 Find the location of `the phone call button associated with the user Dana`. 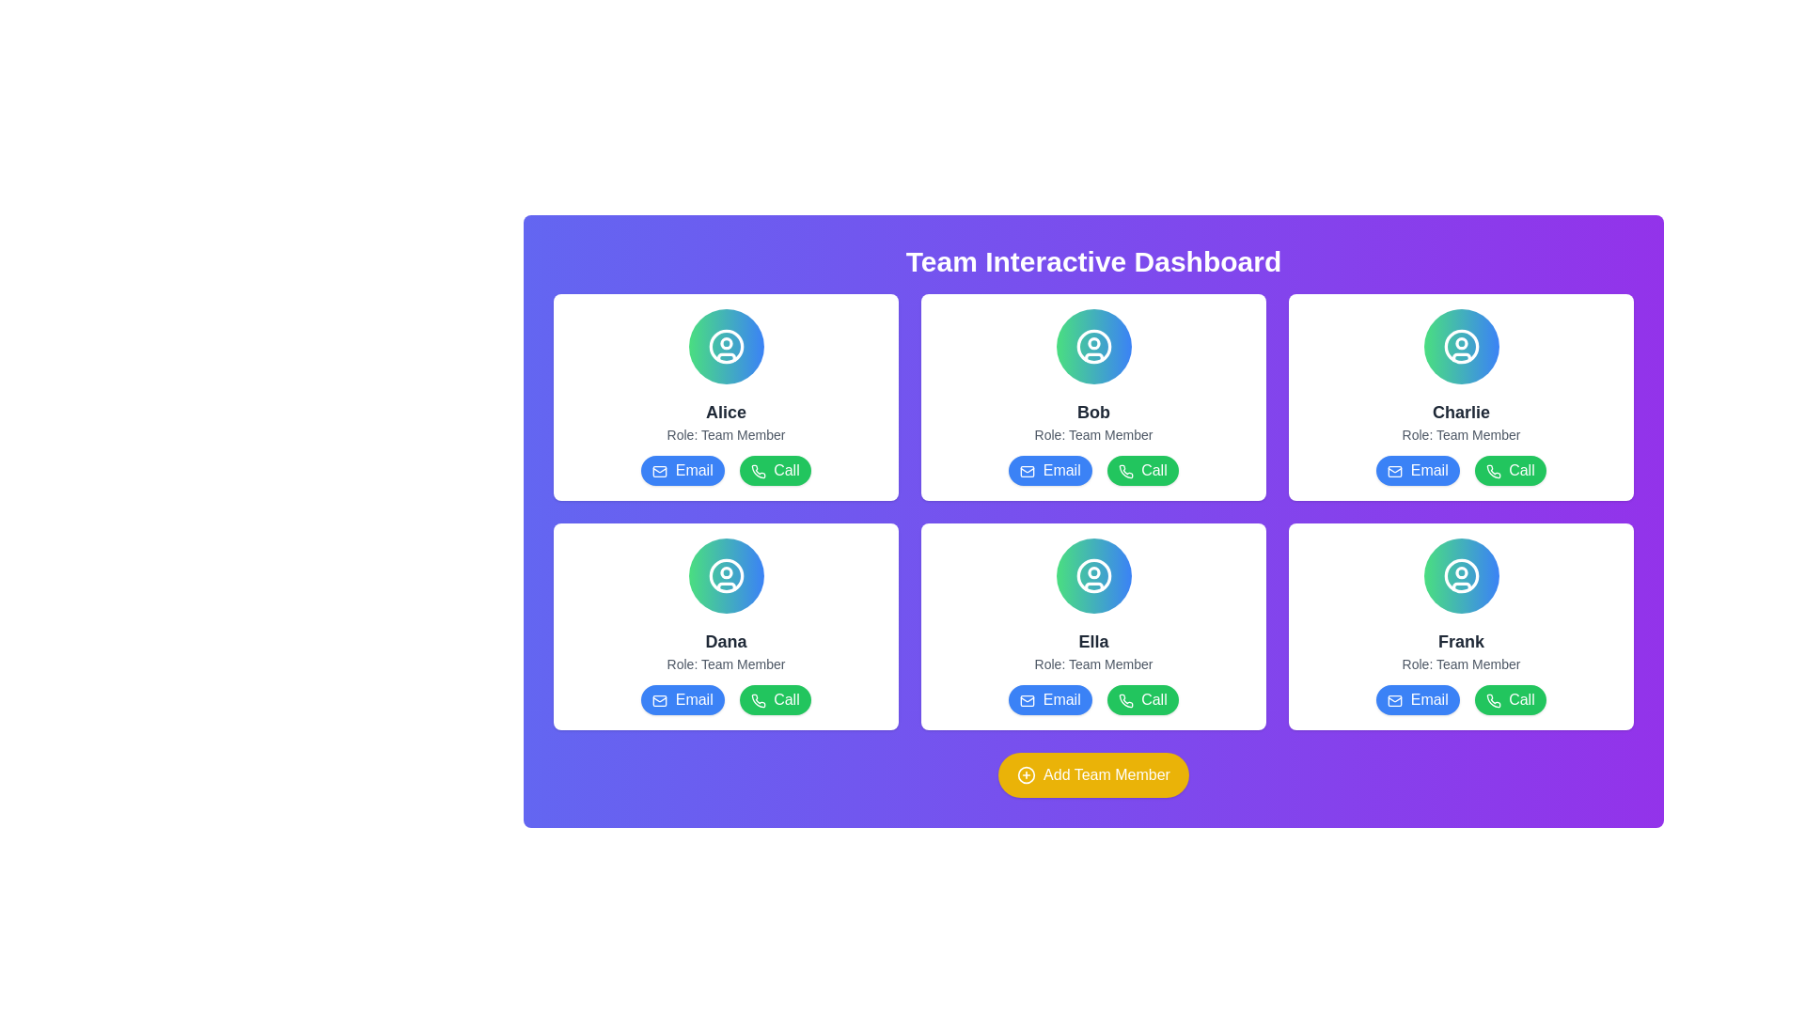

the phone call button associated with the user Dana is located at coordinates (758, 700).